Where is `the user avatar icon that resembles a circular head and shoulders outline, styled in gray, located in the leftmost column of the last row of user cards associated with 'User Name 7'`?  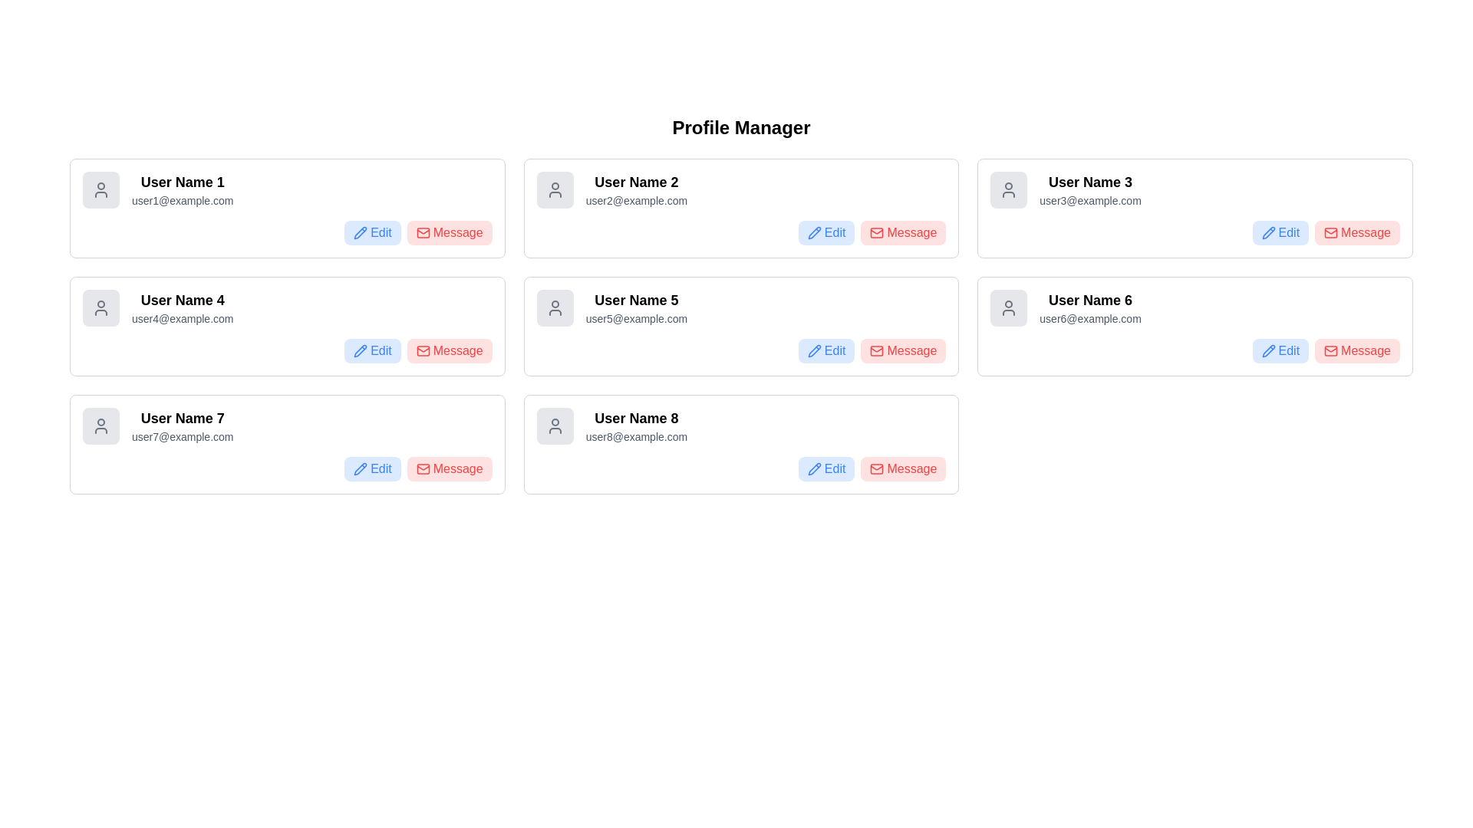 the user avatar icon that resembles a circular head and shoulders outline, styled in gray, located in the leftmost column of the last row of user cards associated with 'User Name 7' is located at coordinates (101, 426).